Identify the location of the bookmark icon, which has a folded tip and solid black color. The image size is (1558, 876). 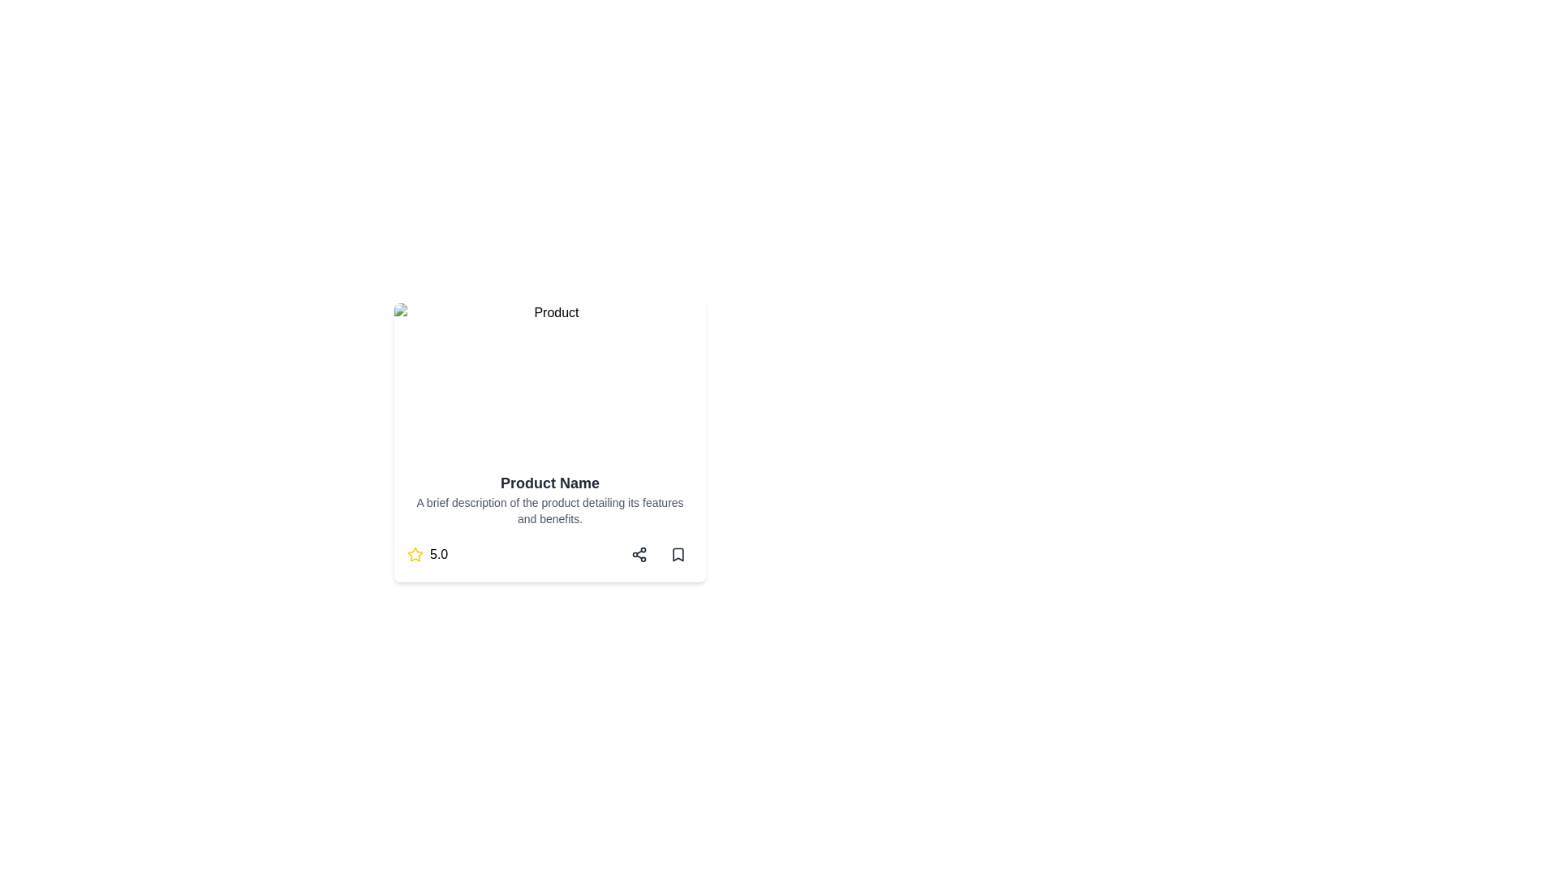
(678, 553).